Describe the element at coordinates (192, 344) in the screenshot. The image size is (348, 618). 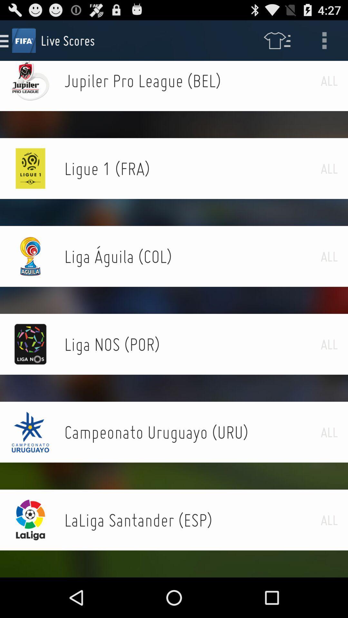
I see `icon to the left of the all item` at that location.